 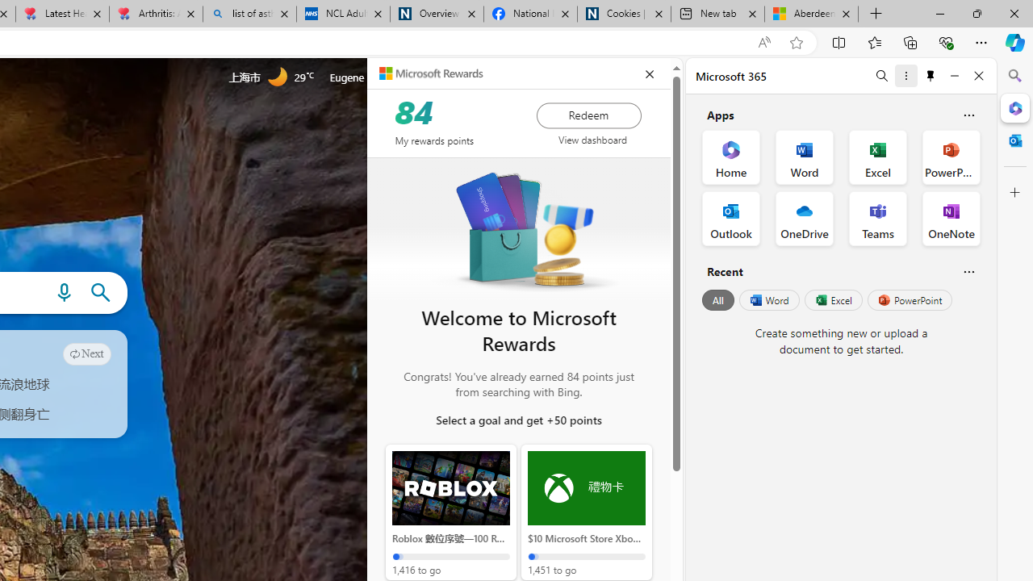 I want to click on 'Aberdeen, Hong Kong SAR hourly forecast | Microsoft Weather', so click(x=812, y=14).